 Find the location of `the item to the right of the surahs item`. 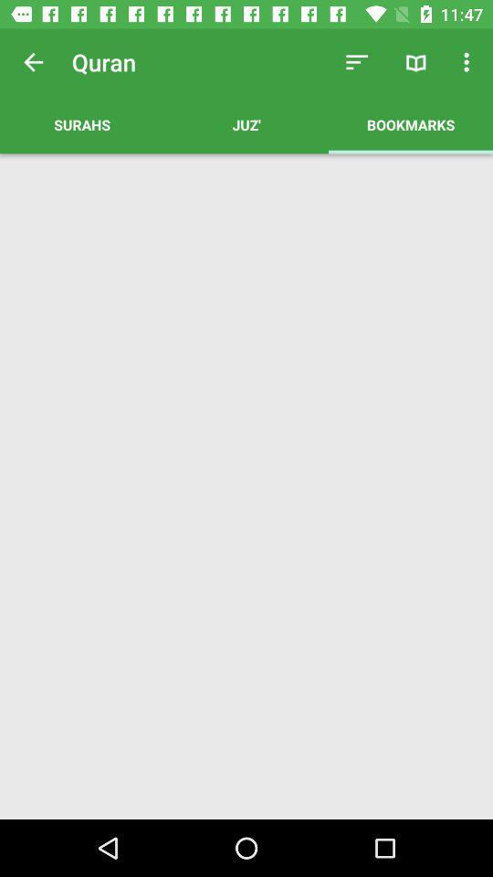

the item to the right of the surahs item is located at coordinates (246, 123).